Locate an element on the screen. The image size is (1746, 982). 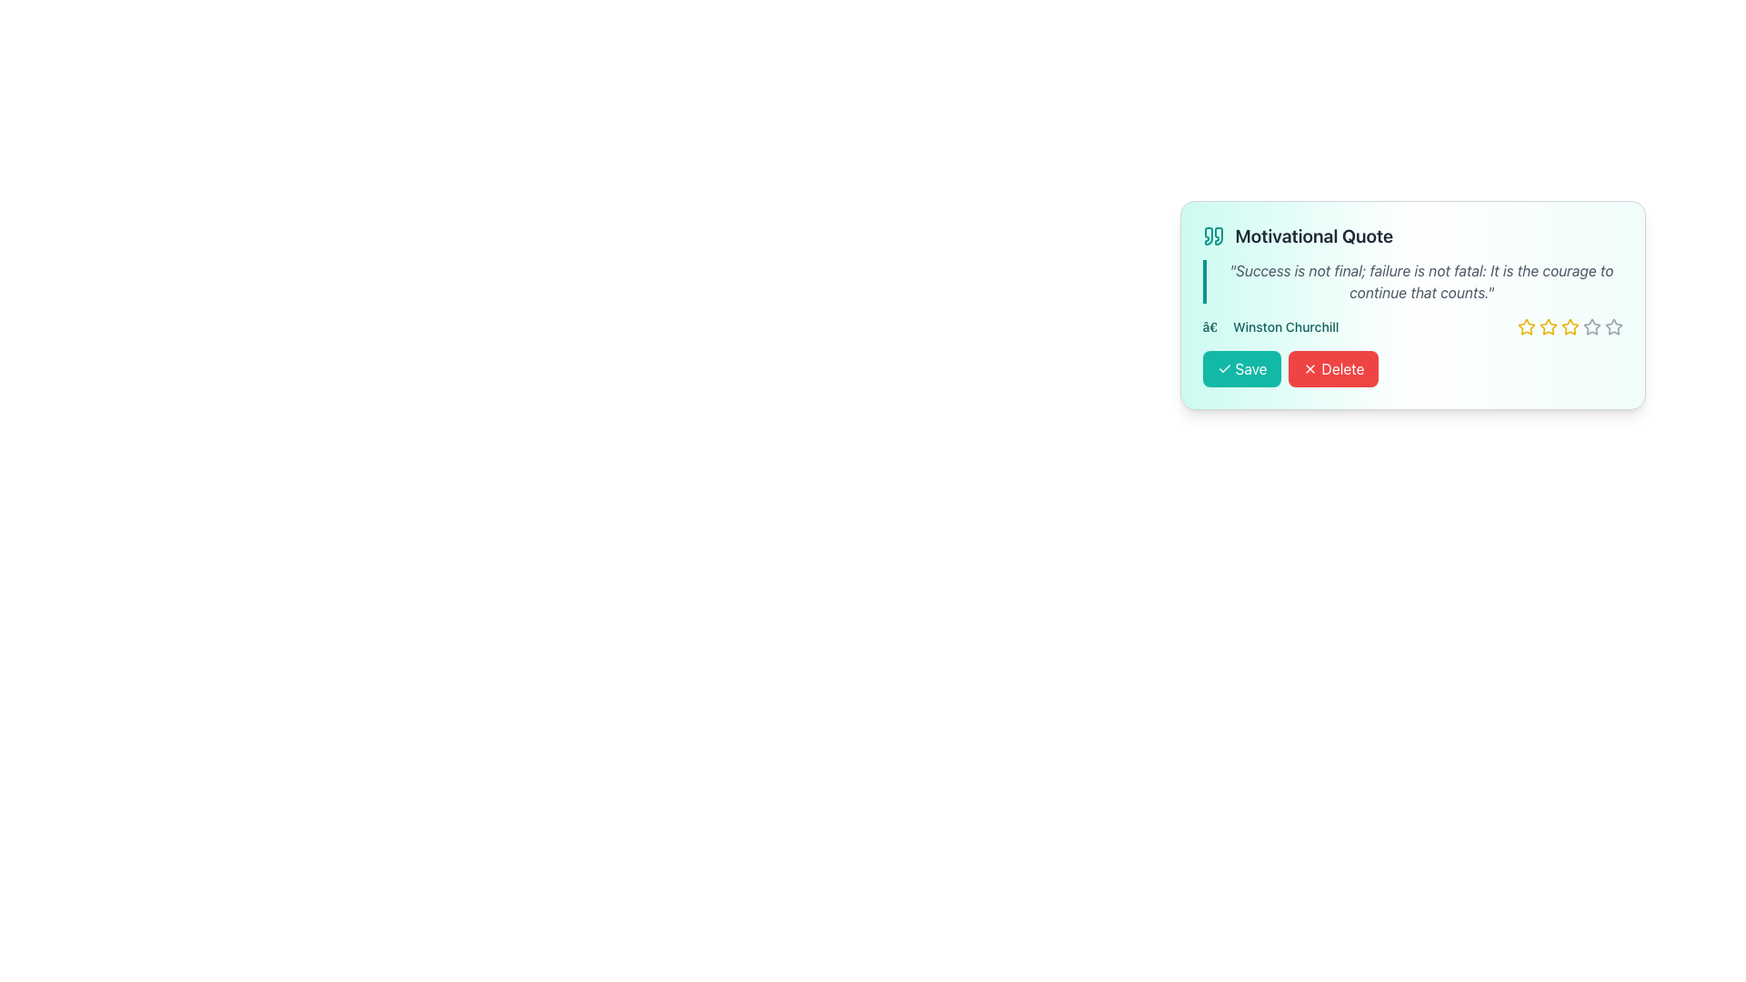
the second star icon from the left in the horizontal row of five stars is located at coordinates (1569, 326).